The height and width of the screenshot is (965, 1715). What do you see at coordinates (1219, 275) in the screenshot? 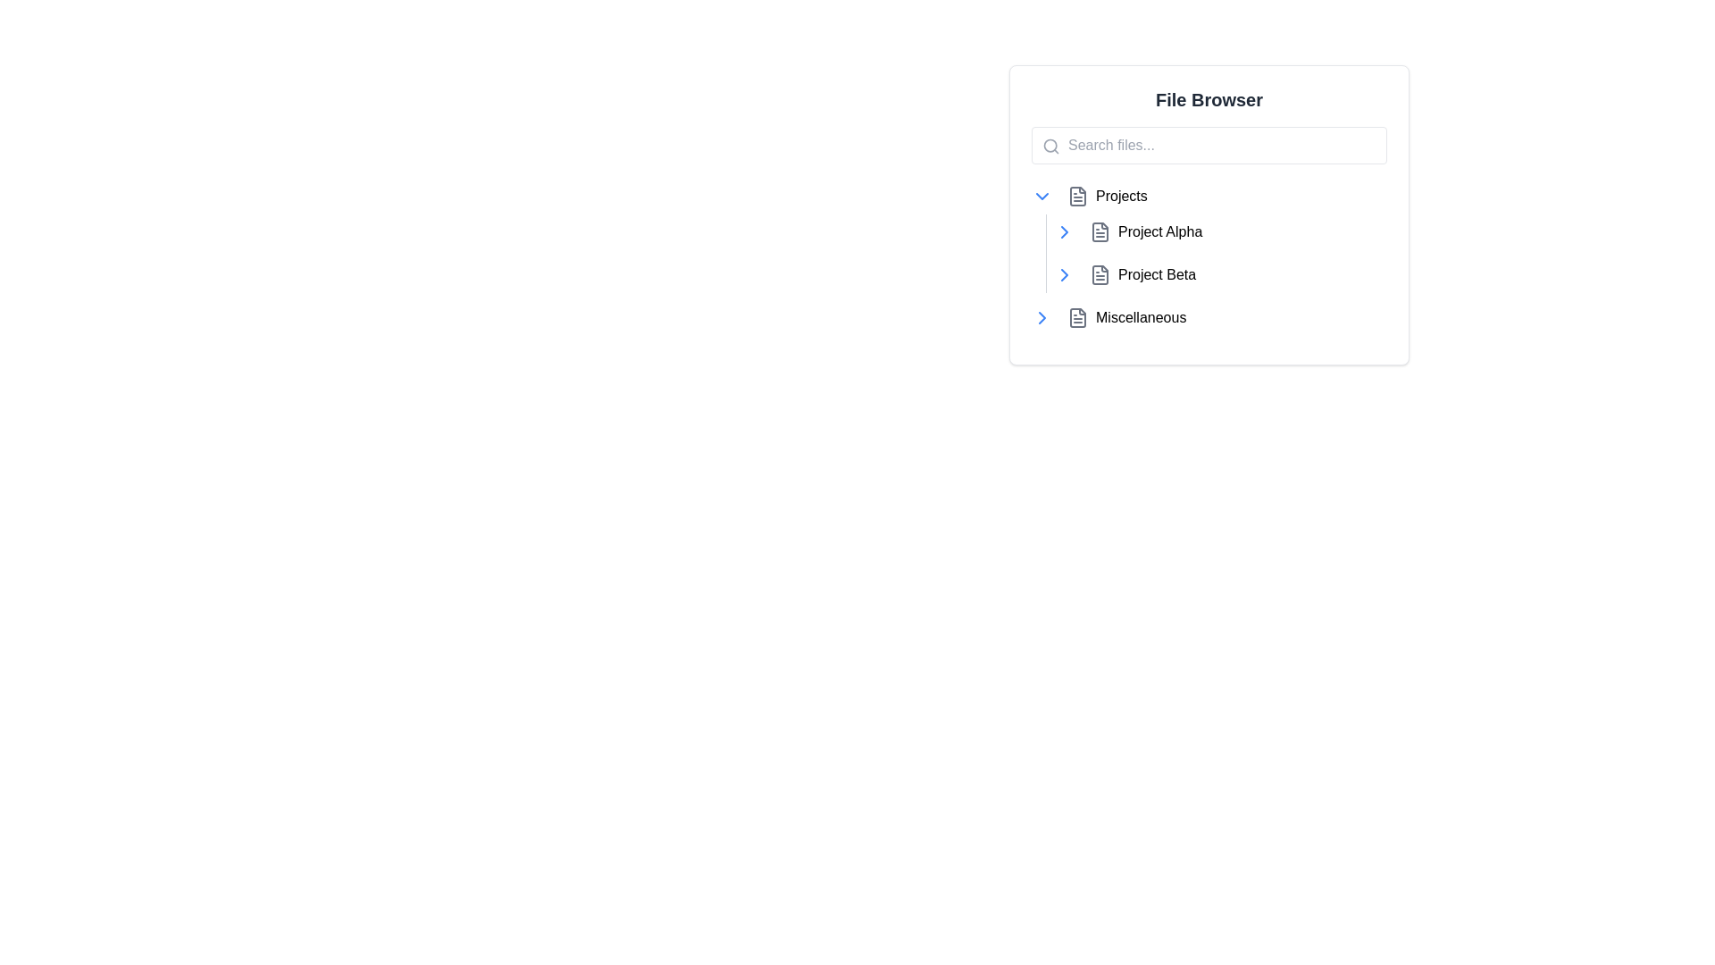
I see `the selectable list item labeled 'Project Beta' in the file explorer interface` at bounding box center [1219, 275].